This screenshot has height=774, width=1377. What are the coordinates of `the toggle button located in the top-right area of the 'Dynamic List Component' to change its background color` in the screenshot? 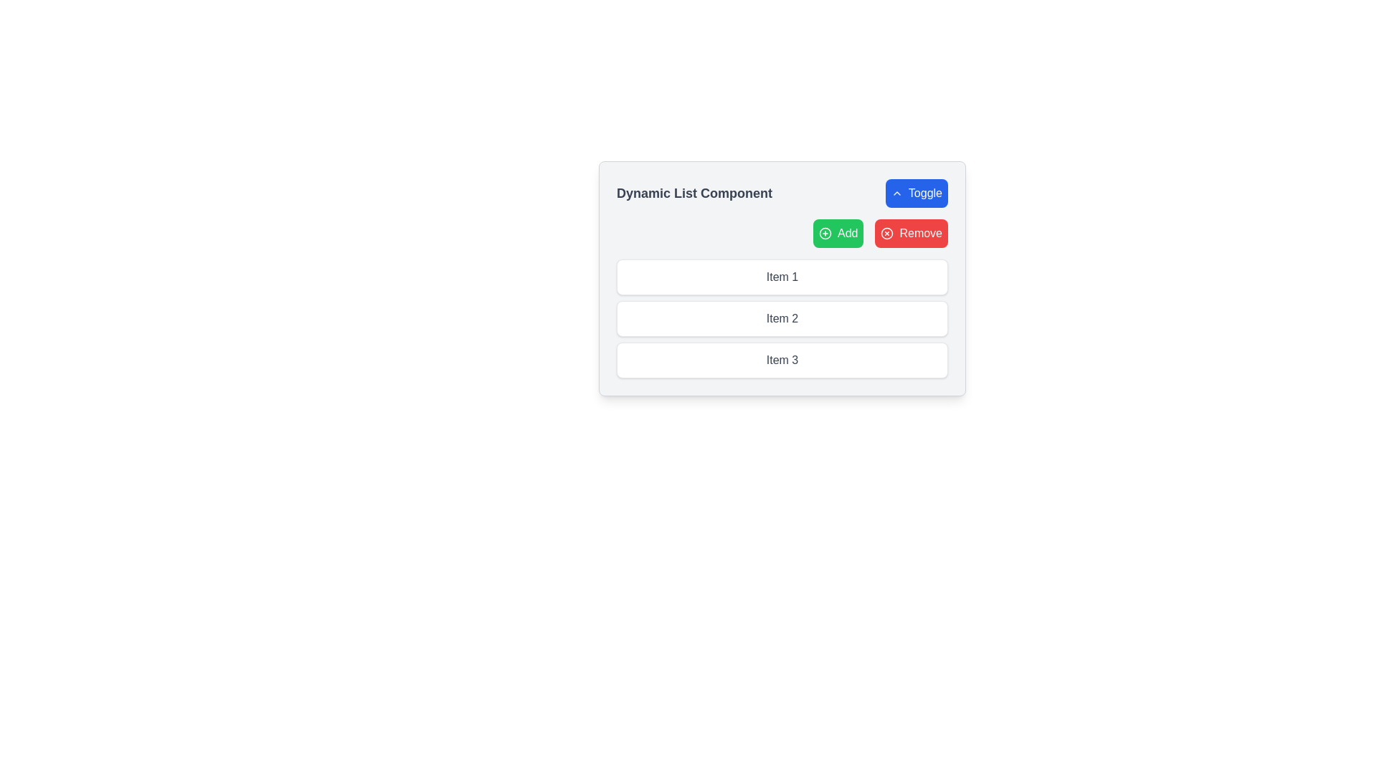 It's located at (916, 193).